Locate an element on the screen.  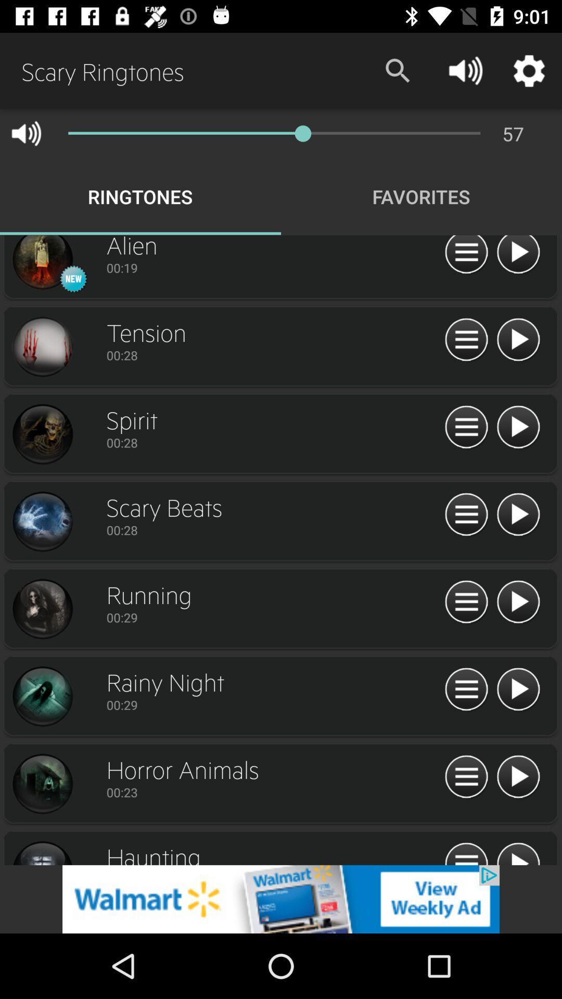
insert into playlist is located at coordinates (466, 602).